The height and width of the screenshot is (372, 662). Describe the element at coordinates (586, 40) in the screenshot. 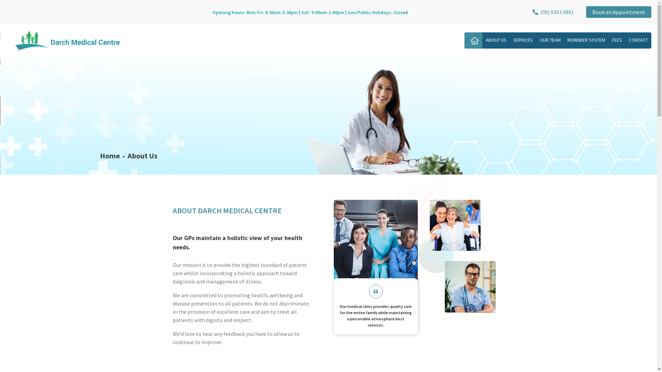

I see `'REMINDER SYSTEM'` at that location.